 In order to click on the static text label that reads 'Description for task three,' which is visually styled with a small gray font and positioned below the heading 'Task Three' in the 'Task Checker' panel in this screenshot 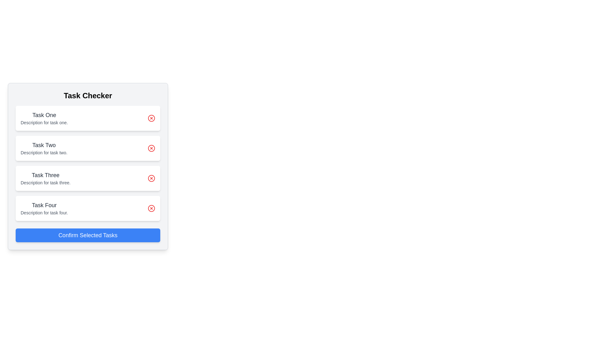, I will do `click(45, 182)`.